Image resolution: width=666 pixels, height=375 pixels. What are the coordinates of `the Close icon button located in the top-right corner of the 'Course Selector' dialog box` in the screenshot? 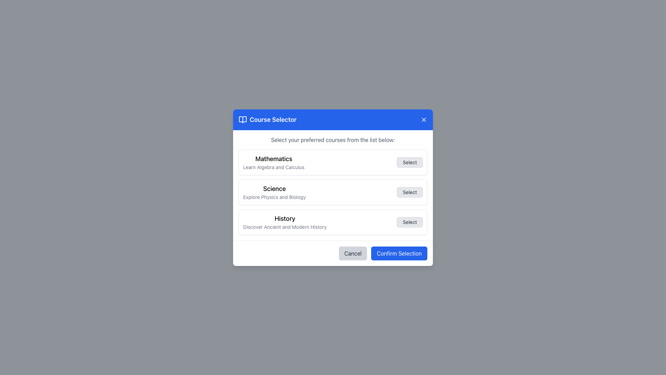 It's located at (424, 119).